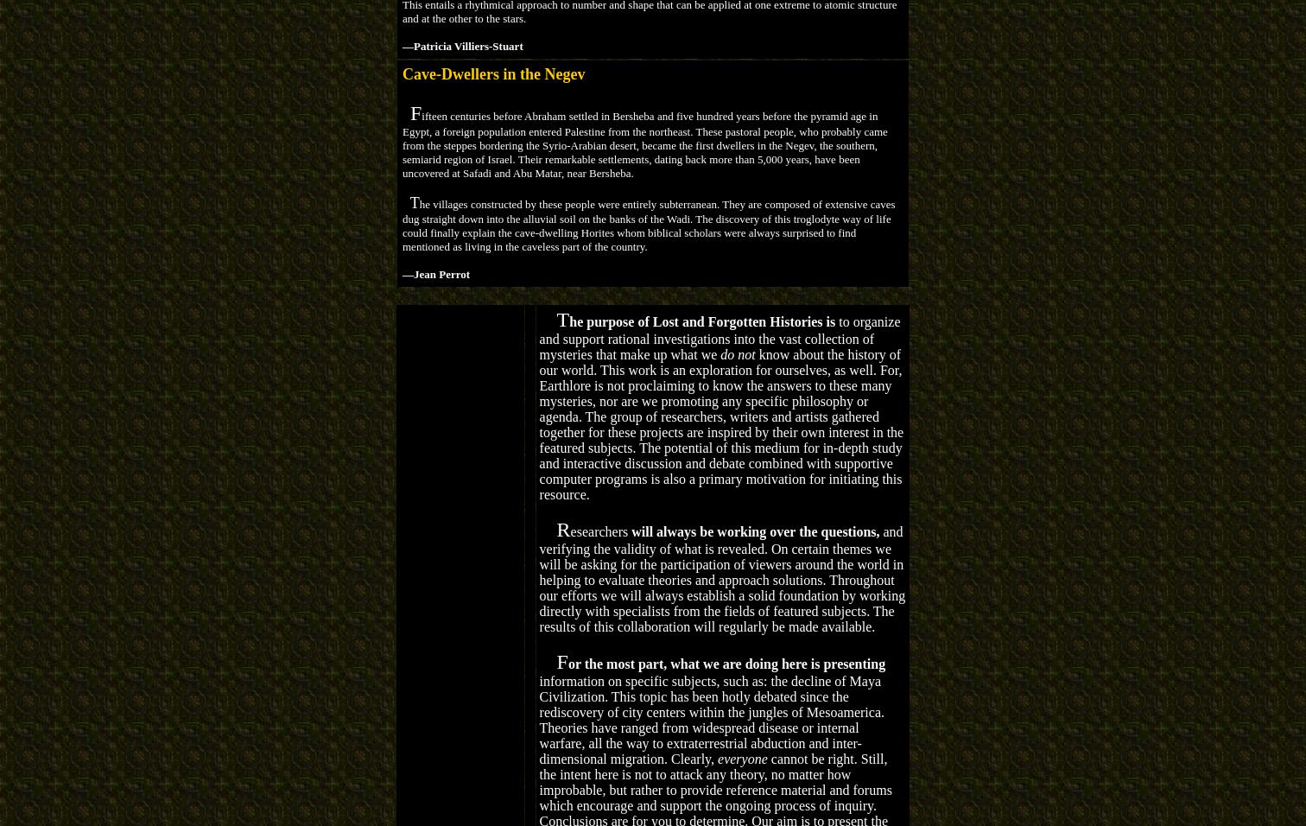 Image resolution: width=1306 pixels, height=826 pixels. I want to click on 'esearchers', so click(600, 531).